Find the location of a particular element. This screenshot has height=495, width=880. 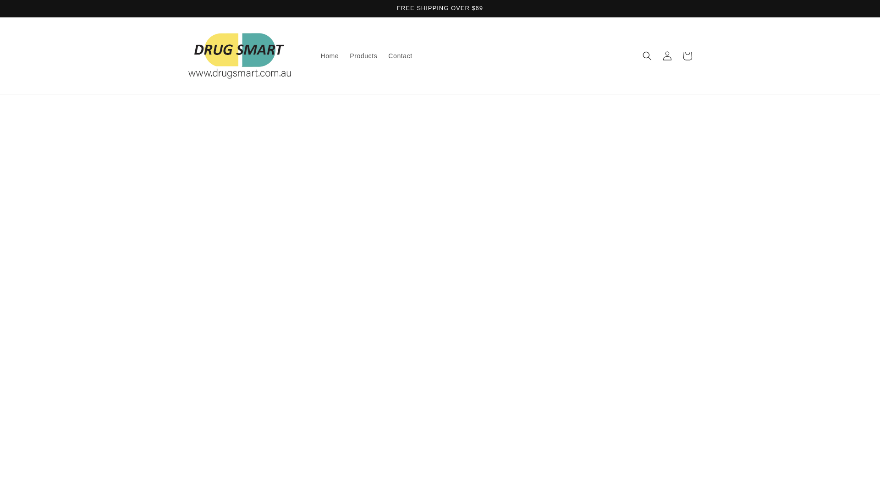

'Log in' is located at coordinates (667, 56).